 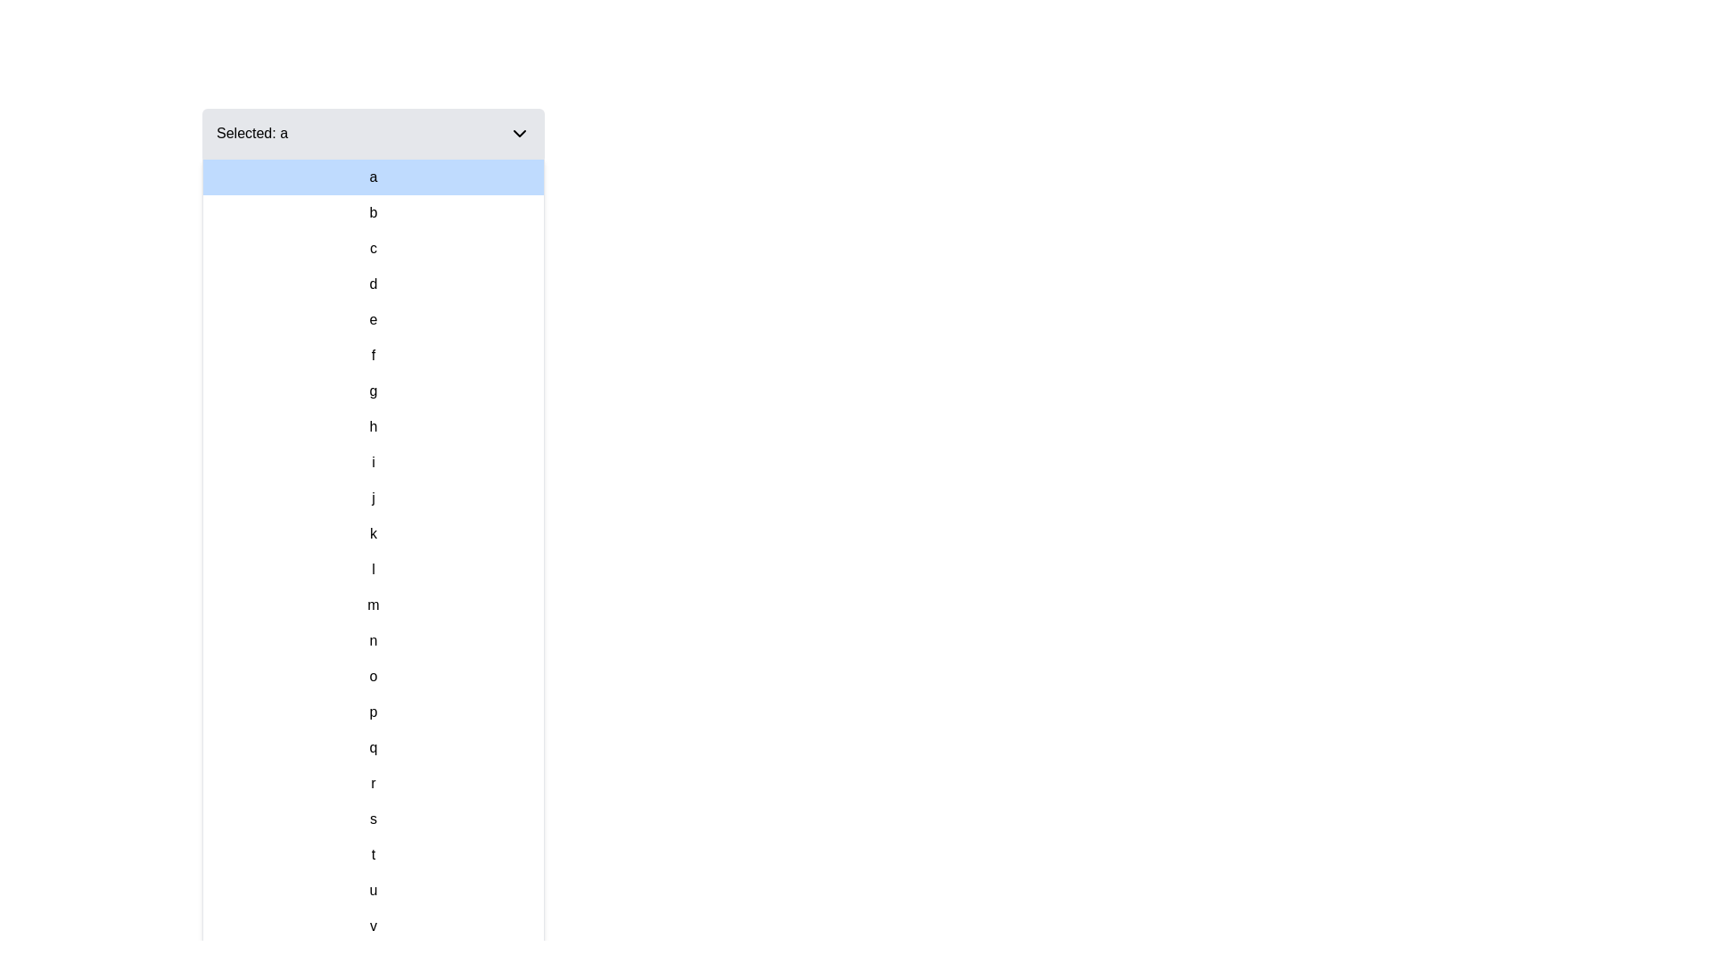 I want to click on the 9th entry in the alphabetically ordered dropdown list, which represents the letter 'i', so click(x=372, y=462).